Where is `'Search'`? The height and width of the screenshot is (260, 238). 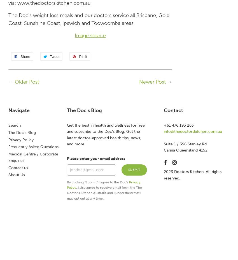 'Search' is located at coordinates (8, 125).